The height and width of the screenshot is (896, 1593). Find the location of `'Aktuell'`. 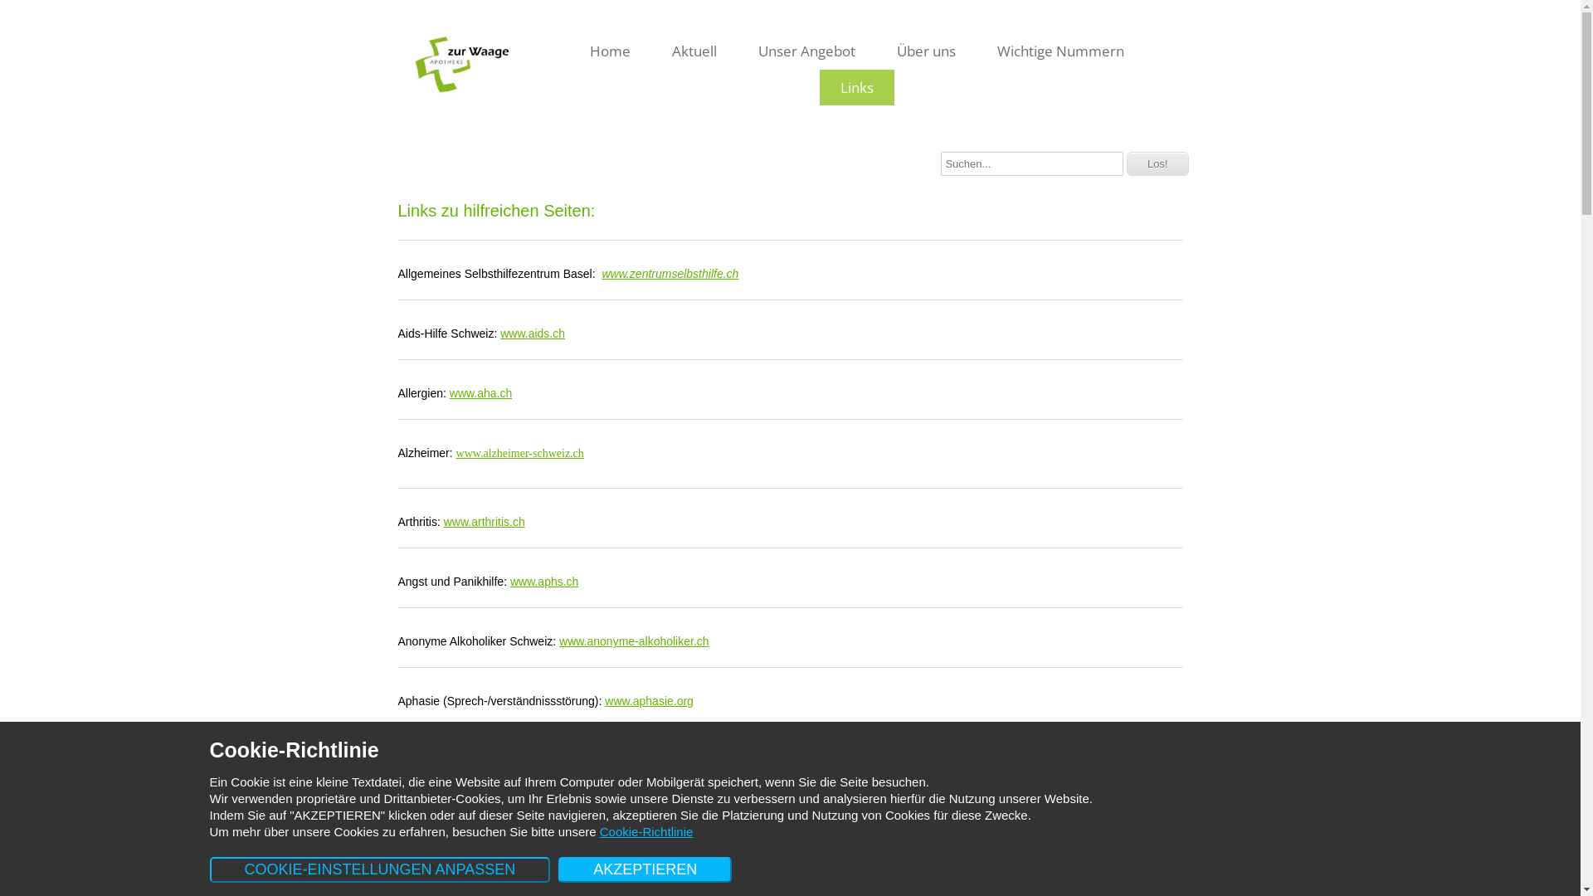

'Aktuell' is located at coordinates (694, 50).